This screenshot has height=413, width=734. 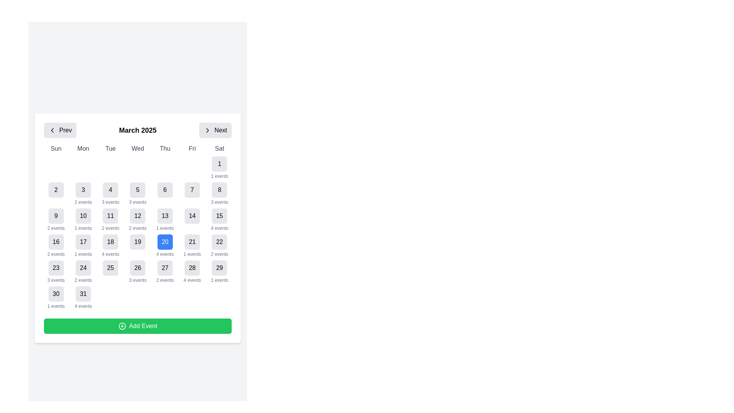 I want to click on the small square button with a rounded border displaying the number '14' in the calendar grid for March 2025, so click(x=192, y=216).